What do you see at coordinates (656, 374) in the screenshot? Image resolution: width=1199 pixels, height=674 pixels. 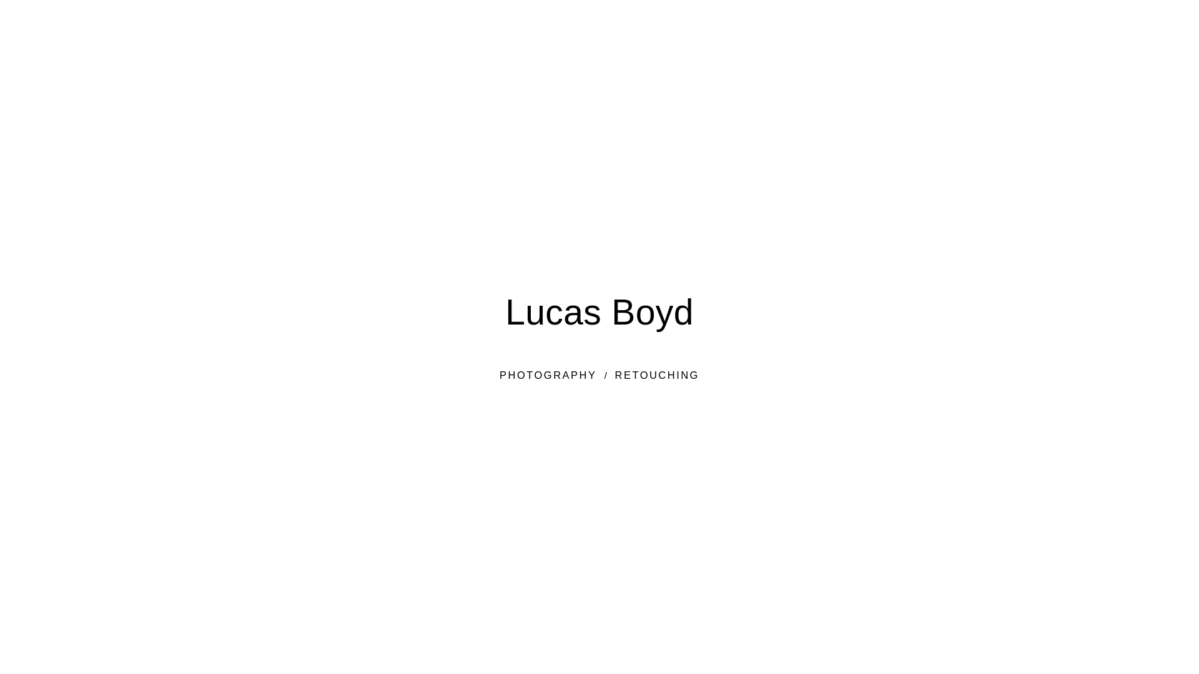 I see `'RETOUCHING'` at bounding box center [656, 374].